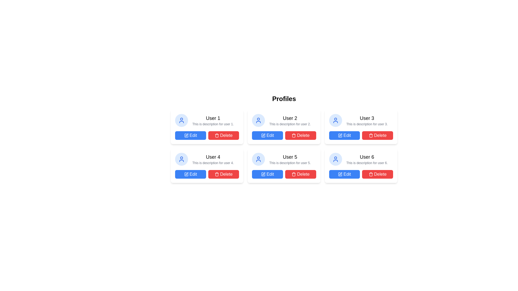  Describe the element at coordinates (335, 120) in the screenshot. I see `the user profile icon for 'User 3' located in the top-right card, positioned left of the 'Edit' and 'Delete' buttons` at that location.